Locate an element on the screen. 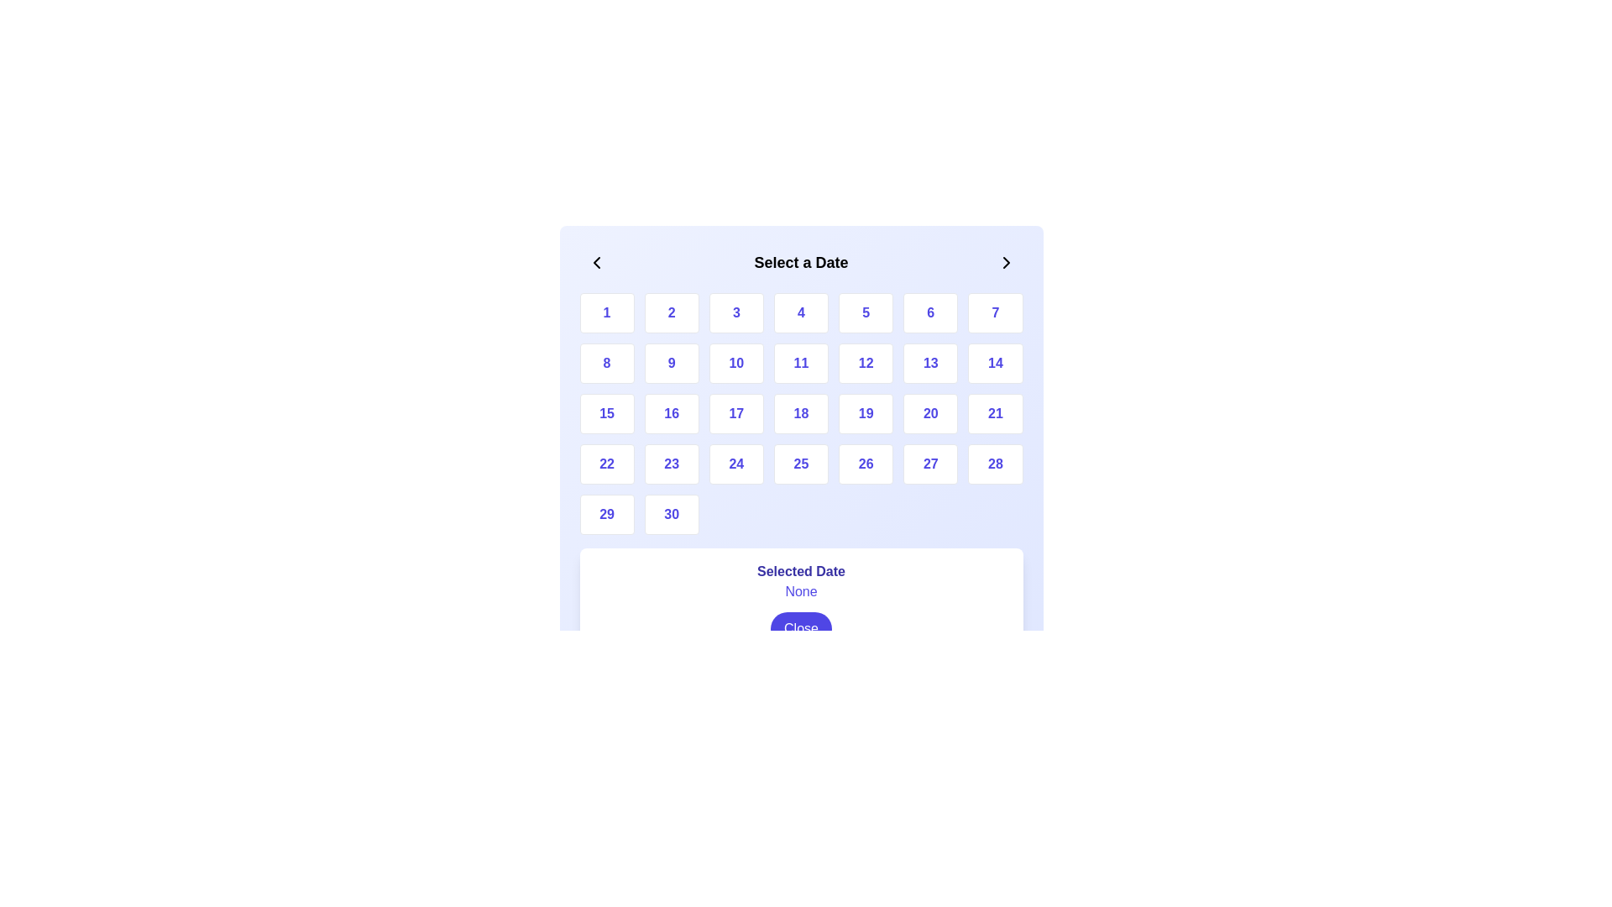 This screenshot has width=1612, height=907. the sixth button in the first row of the date selection grid, which displays the number '6' is located at coordinates (929, 313).